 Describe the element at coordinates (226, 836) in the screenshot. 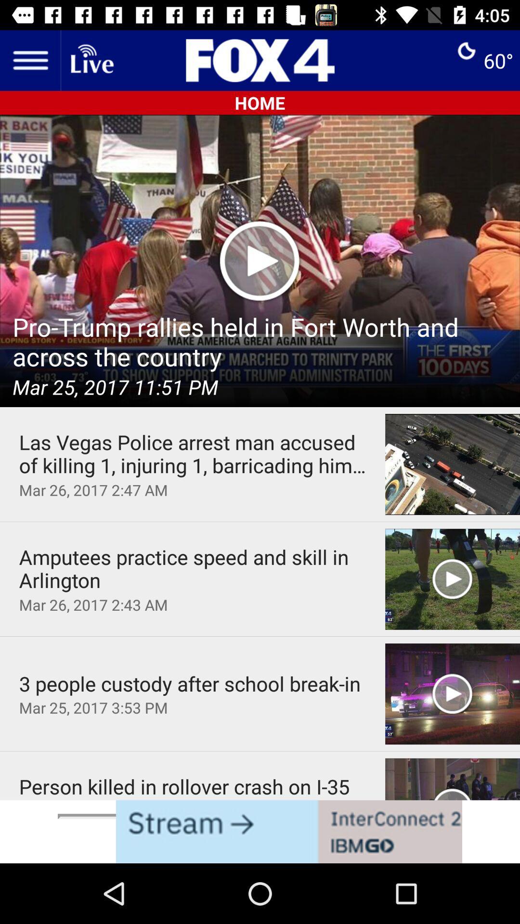

I see `the arrow_forward icon` at that location.